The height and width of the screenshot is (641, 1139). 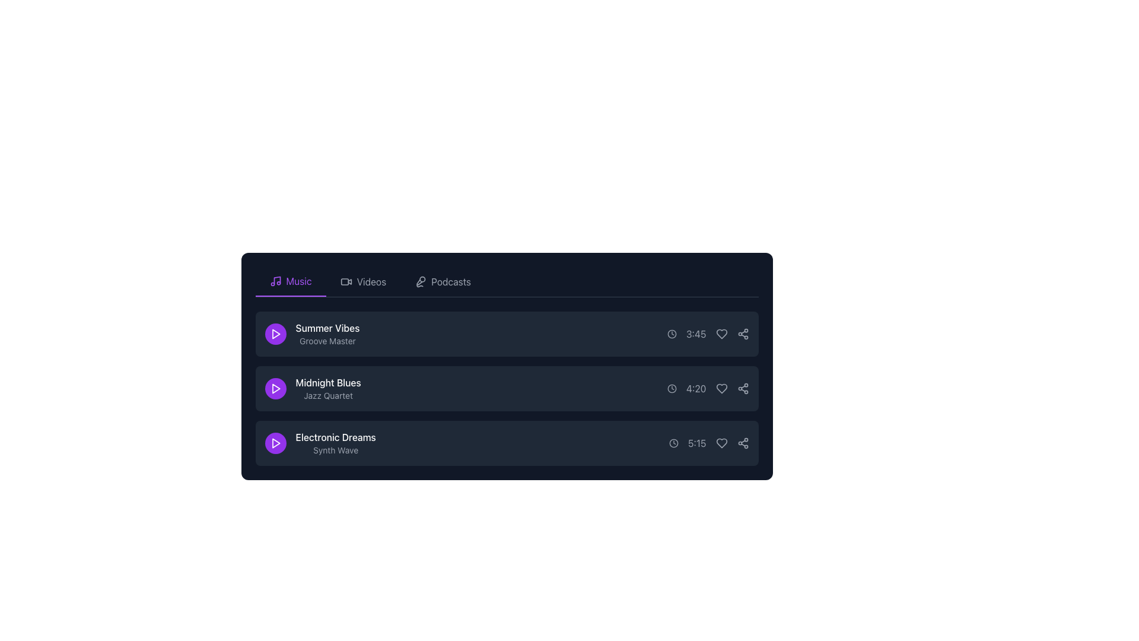 I want to click on the like icon located to the right of the 'Midnight Blues' item in the list, so click(x=721, y=389).